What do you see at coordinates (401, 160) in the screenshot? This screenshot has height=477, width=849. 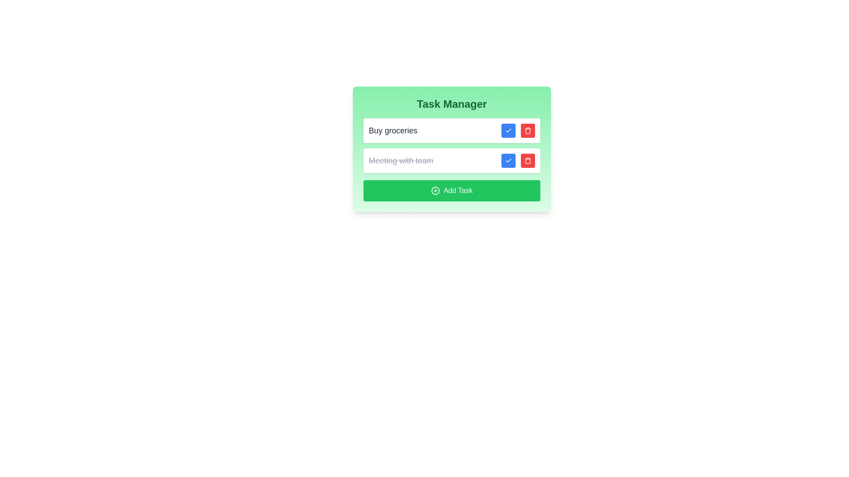 I see `the text label that displays the title or description of a completed task in the task management interface, which is centrally aligned in the middle section of the interface` at bounding box center [401, 160].